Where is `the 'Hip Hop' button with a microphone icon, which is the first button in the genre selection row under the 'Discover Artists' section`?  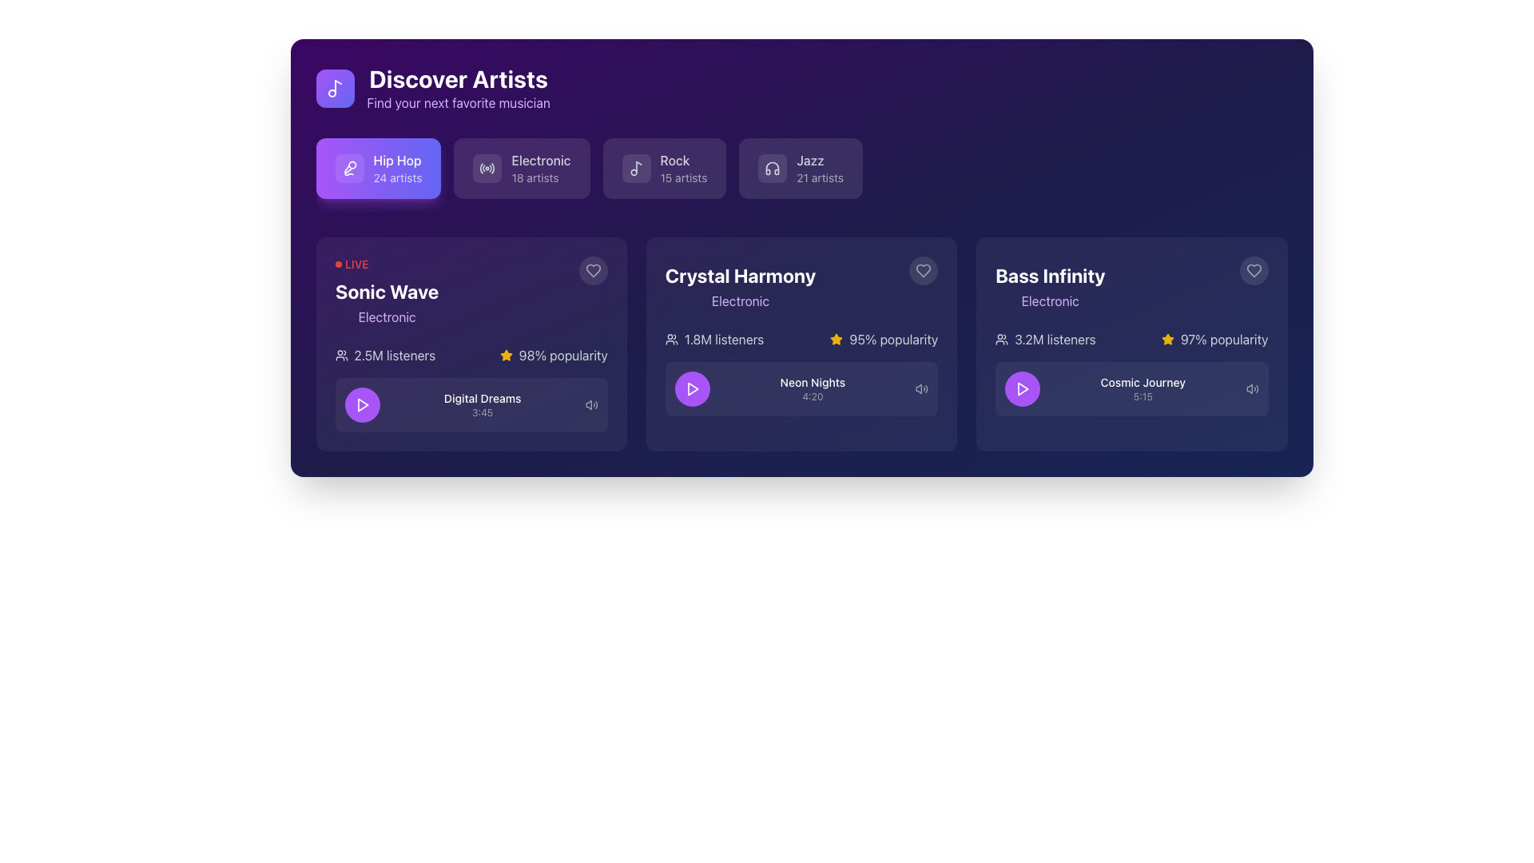
the 'Hip Hop' button with a microphone icon, which is the first button in the genre selection row under the 'Discover Artists' section is located at coordinates (378, 169).